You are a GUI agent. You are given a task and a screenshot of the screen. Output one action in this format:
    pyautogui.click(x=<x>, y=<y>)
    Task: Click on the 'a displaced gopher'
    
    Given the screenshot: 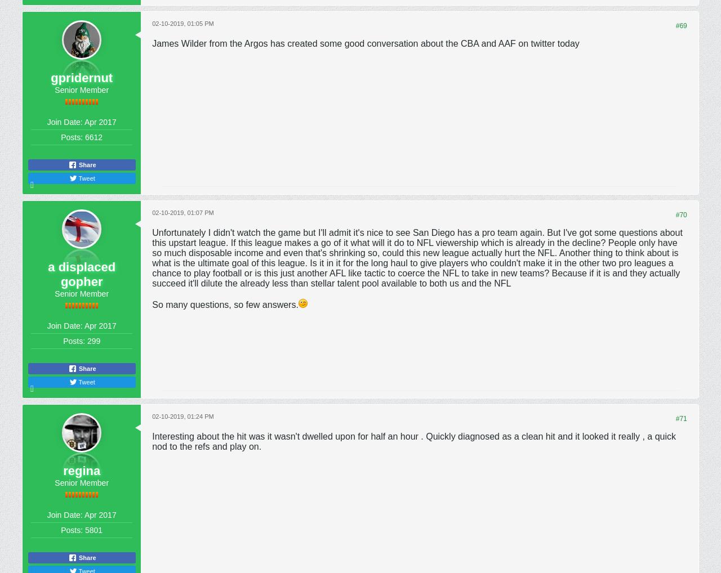 What is the action you would take?
    pyautogui.click(x=81, y=274)
    